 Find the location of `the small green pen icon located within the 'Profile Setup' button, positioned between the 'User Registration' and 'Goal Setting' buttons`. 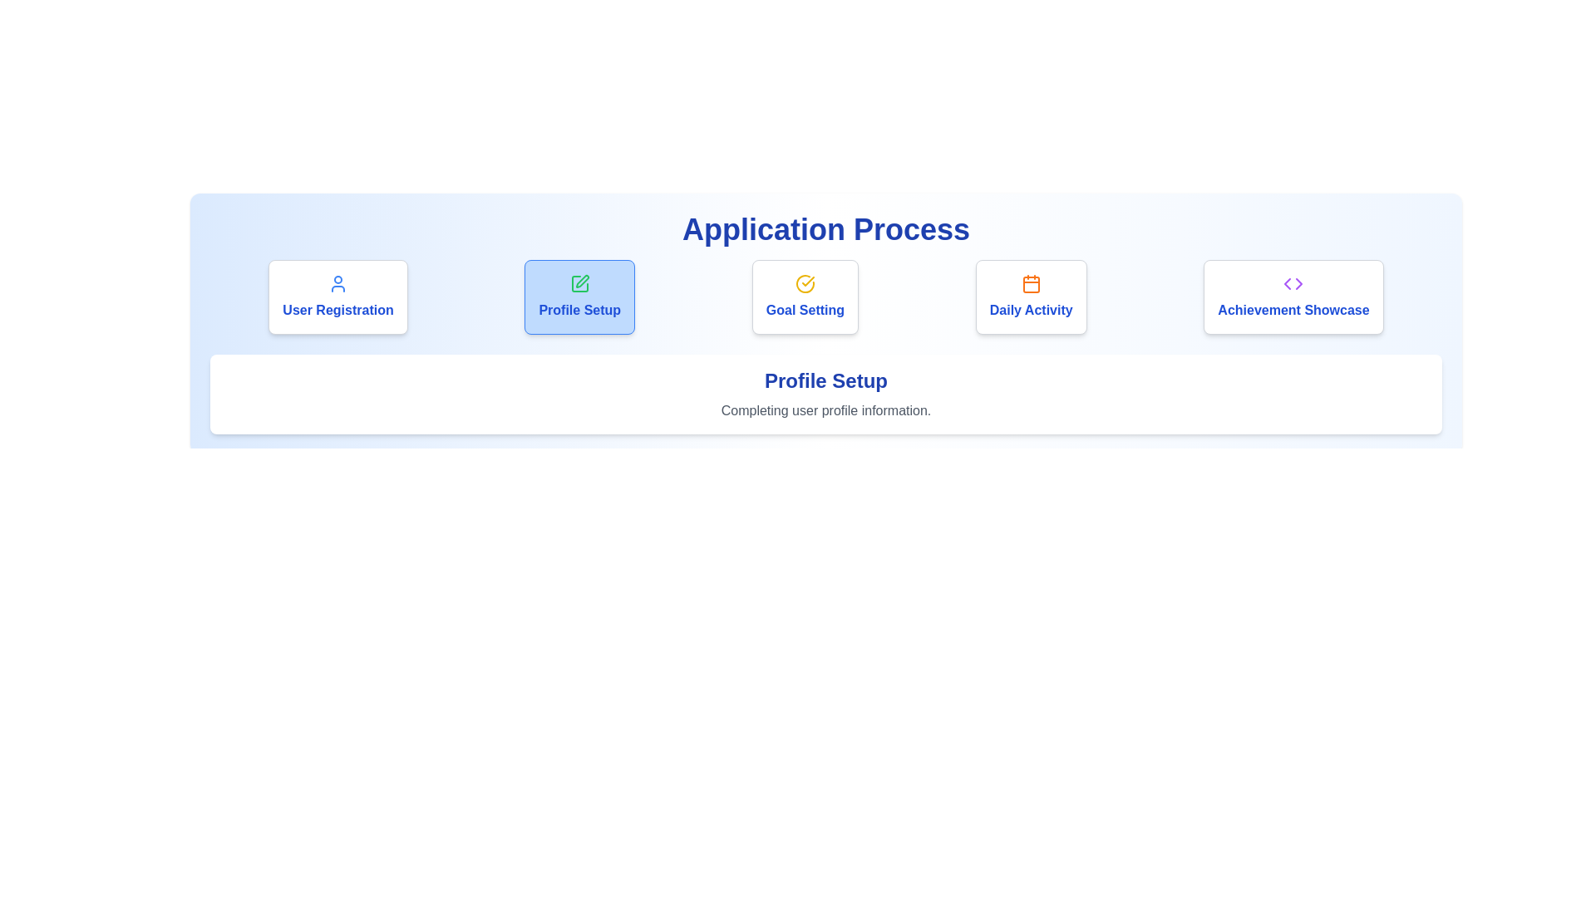

the small green pen icon located within the 'Profile Setup' button, positioned between the 'User Registration' and 'Goal Setting' buttons is located at coordinates (582, 281).